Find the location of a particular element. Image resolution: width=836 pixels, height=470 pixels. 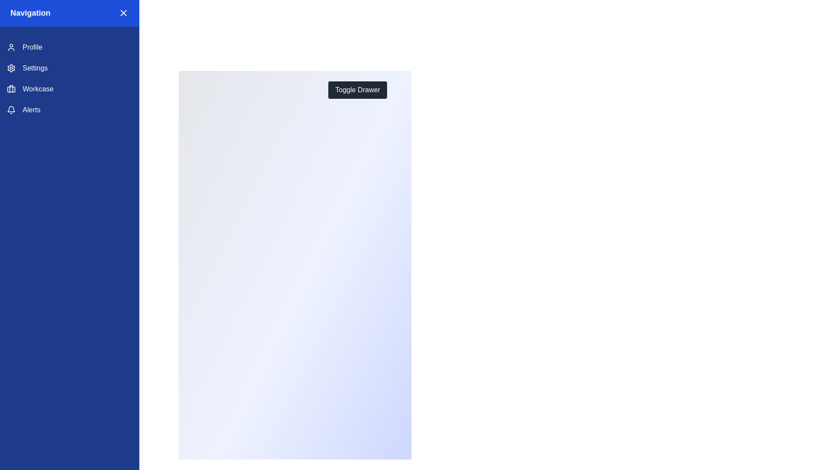

the close button in the drawer's header to close the drawer is located at coordinates (123, 13).